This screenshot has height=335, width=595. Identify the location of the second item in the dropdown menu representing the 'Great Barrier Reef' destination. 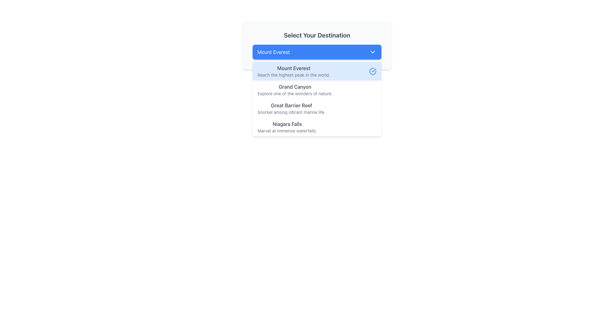
(291, 108).